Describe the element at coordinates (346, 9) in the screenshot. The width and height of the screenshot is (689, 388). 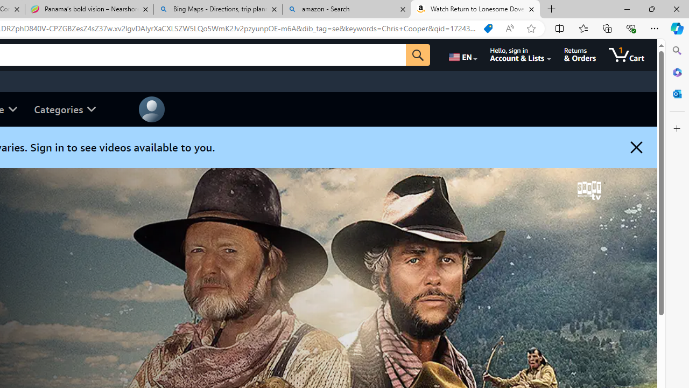
I see `'amazon - Search'` at that location.